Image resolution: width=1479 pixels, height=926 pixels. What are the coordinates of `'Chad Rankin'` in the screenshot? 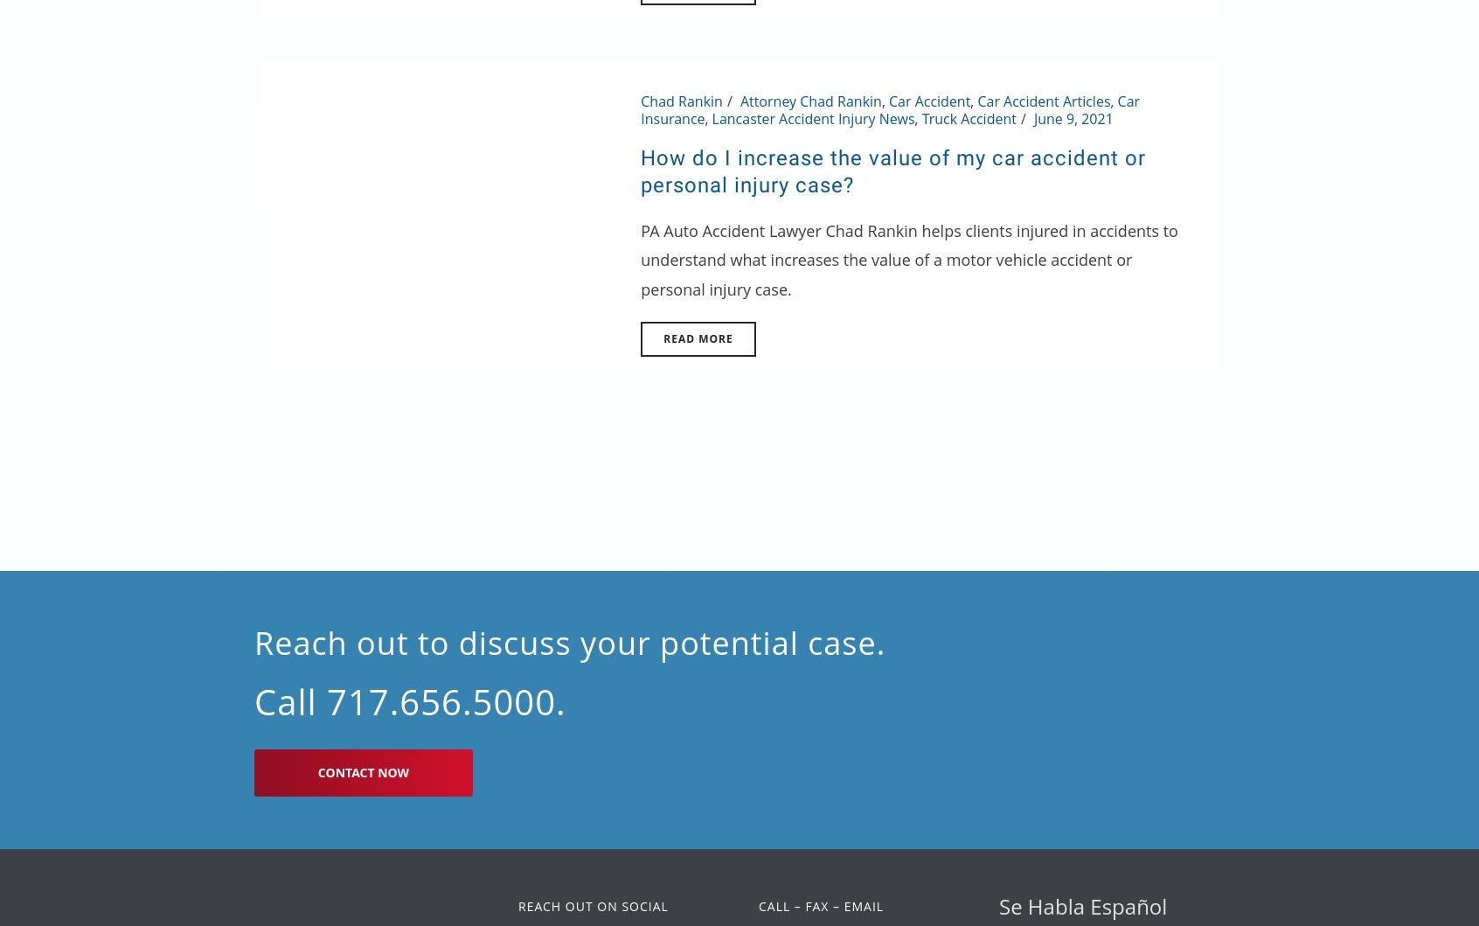 It's located at (681, 100).